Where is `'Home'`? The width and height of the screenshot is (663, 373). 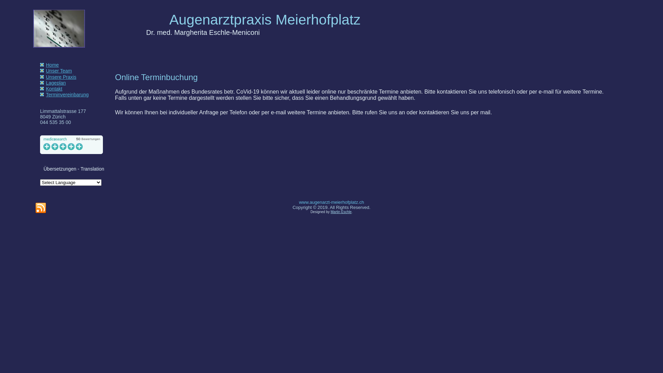 'Home' is located at coordinates (52, 65).